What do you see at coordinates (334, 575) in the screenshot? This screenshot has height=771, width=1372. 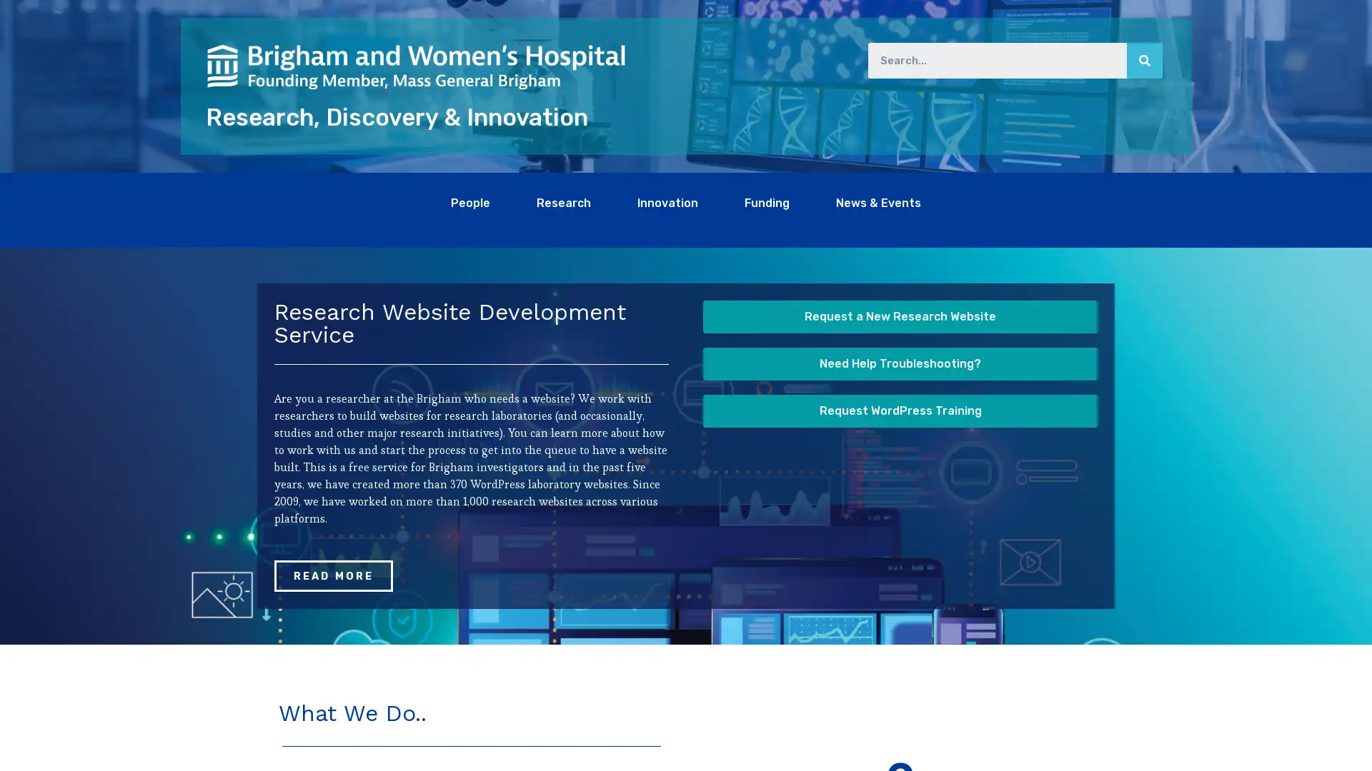 I see `READ MORE` at bounding box center [334, 575].